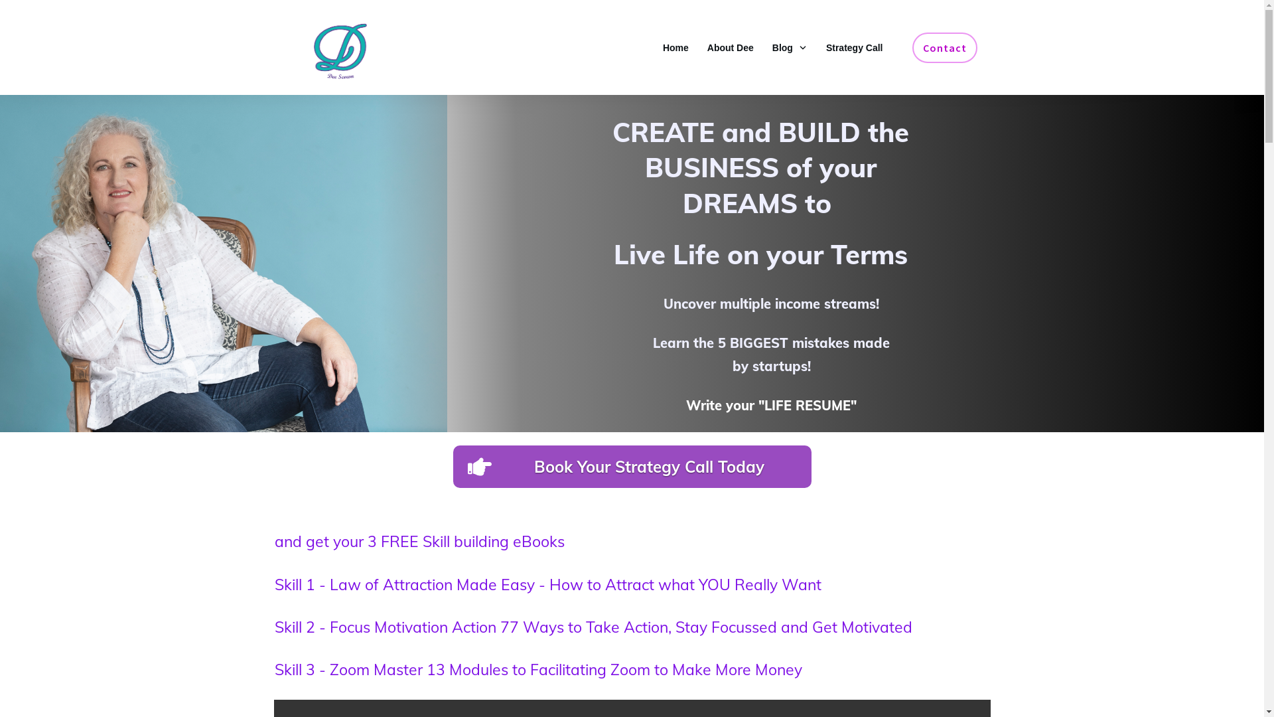  Describe the element at coordinates (675, 47) in the screenshot. I see `'Home'` at that location.